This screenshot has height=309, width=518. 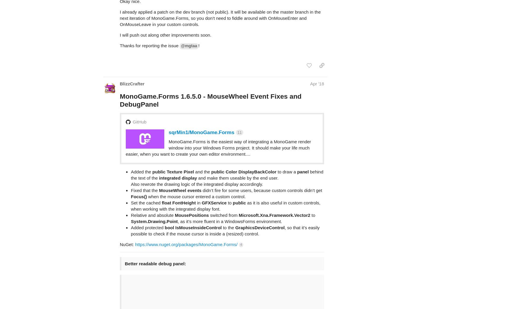 What do you see at coordinates (149, 22) in the screenshot?
I see `'Thanks for reporting the issue'` at bounding box center [149, 22].